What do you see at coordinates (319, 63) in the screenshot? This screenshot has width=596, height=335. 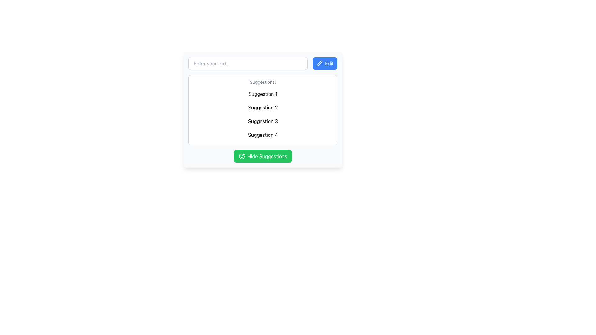 I see `the SVG pen icon, which is located inside the 'Edit' button on the right side of the application interface` at bounding box center [319, 63].